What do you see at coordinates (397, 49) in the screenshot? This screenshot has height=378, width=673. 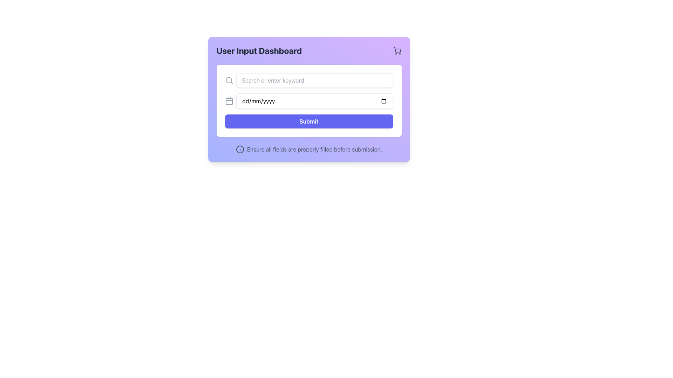 I see `the shopping cart icon's handle located in the top-right corner of the dashboard interface` at bounding box center [397, 49].